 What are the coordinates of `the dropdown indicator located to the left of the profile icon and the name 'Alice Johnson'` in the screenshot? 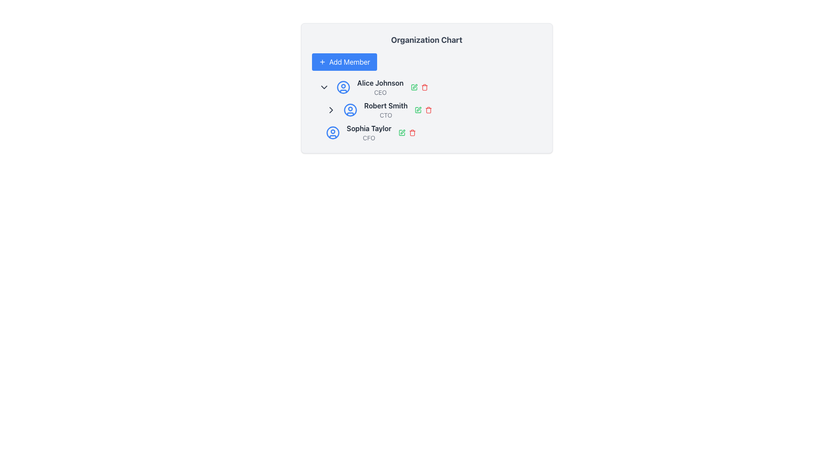 It's located at (323, 87).